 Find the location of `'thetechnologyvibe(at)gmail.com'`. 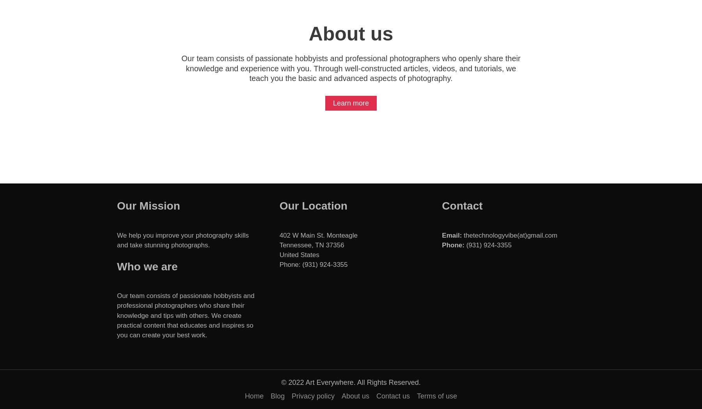

'thetechnologyvibe(at)gmail.com' is located at coordinates (509, 235).